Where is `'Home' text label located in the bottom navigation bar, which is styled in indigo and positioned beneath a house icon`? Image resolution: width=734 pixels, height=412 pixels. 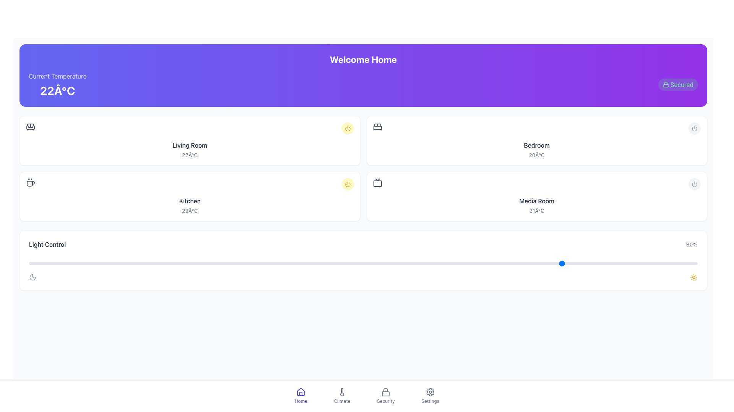 'Home' text label located in the bottom navigation bar, which is styled in indigo and positioned beneath a house icon is located at coordinates (300, 401).